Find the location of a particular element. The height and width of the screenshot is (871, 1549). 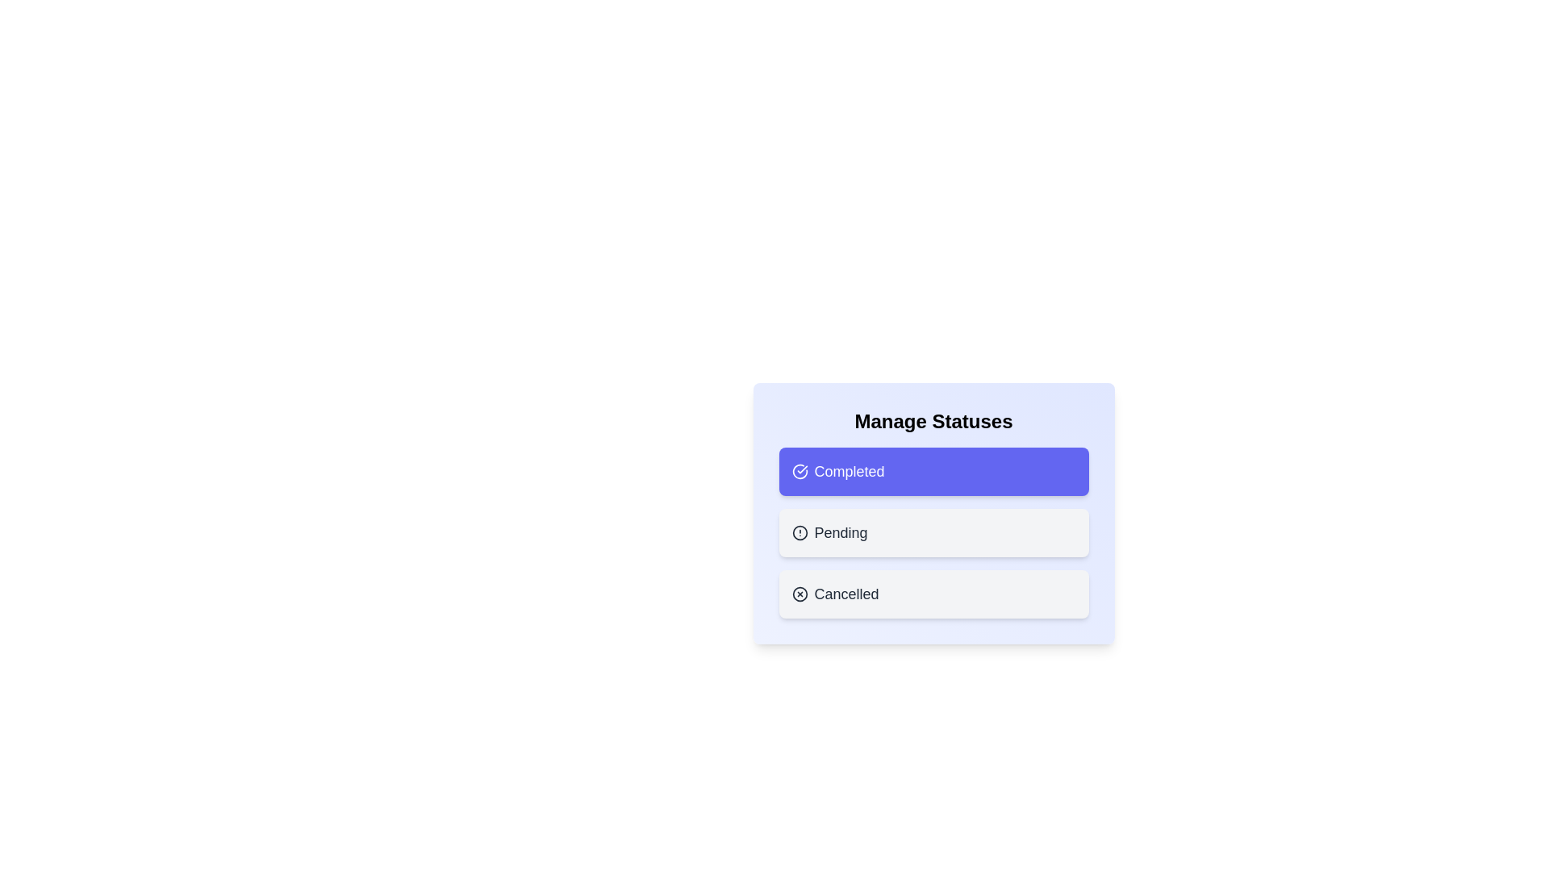

the status chip corresponding to Completed is located at coordinates (933, 472).